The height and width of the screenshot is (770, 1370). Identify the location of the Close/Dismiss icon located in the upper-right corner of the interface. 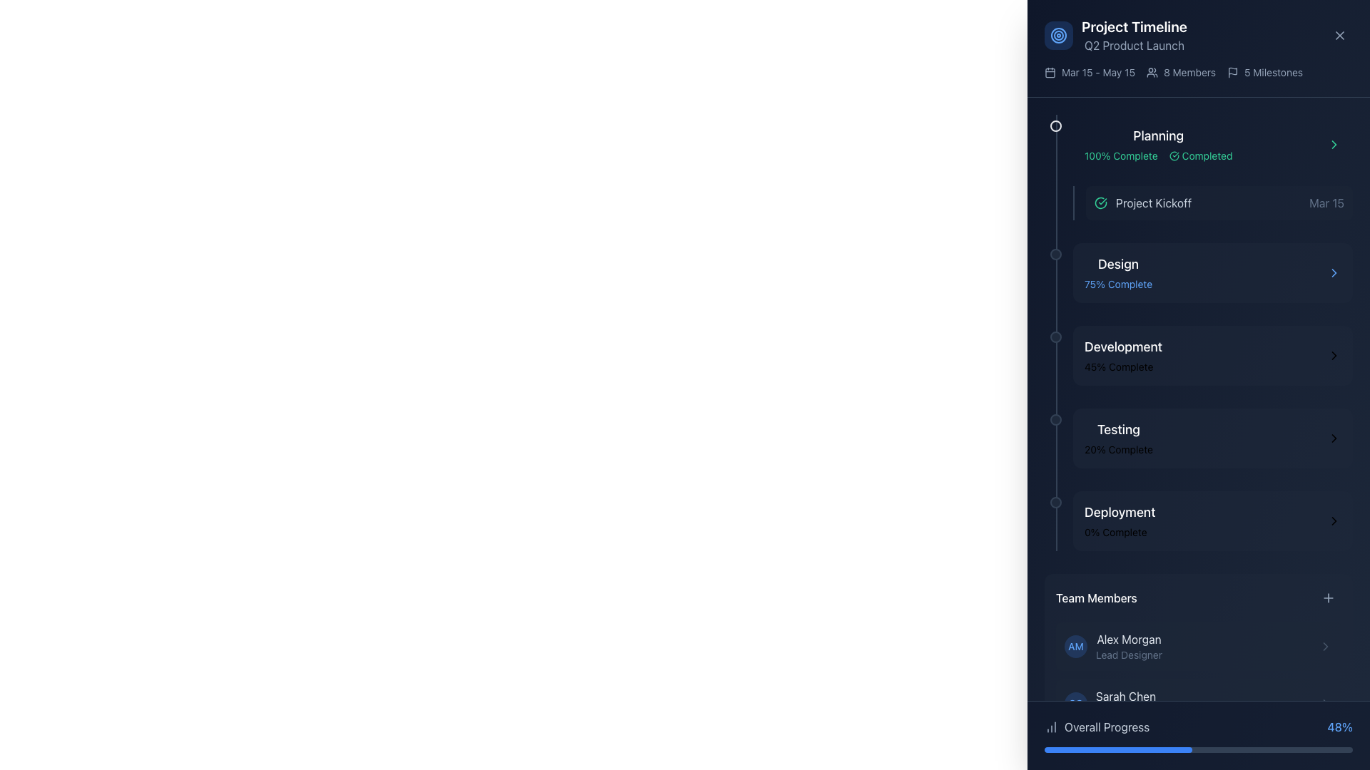
(1339, 35).